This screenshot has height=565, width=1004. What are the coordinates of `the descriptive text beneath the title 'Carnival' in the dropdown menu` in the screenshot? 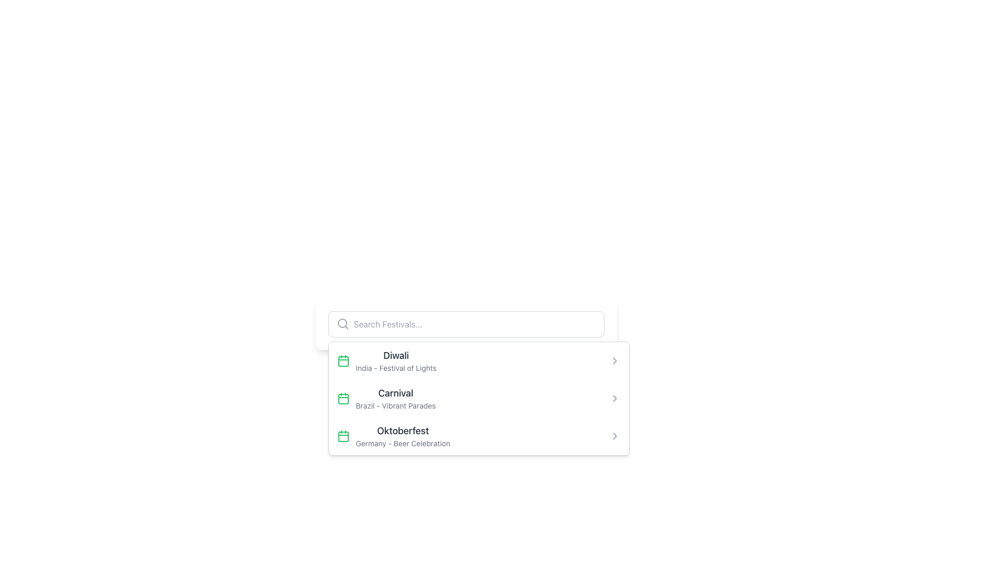 It's located at (395, 405).